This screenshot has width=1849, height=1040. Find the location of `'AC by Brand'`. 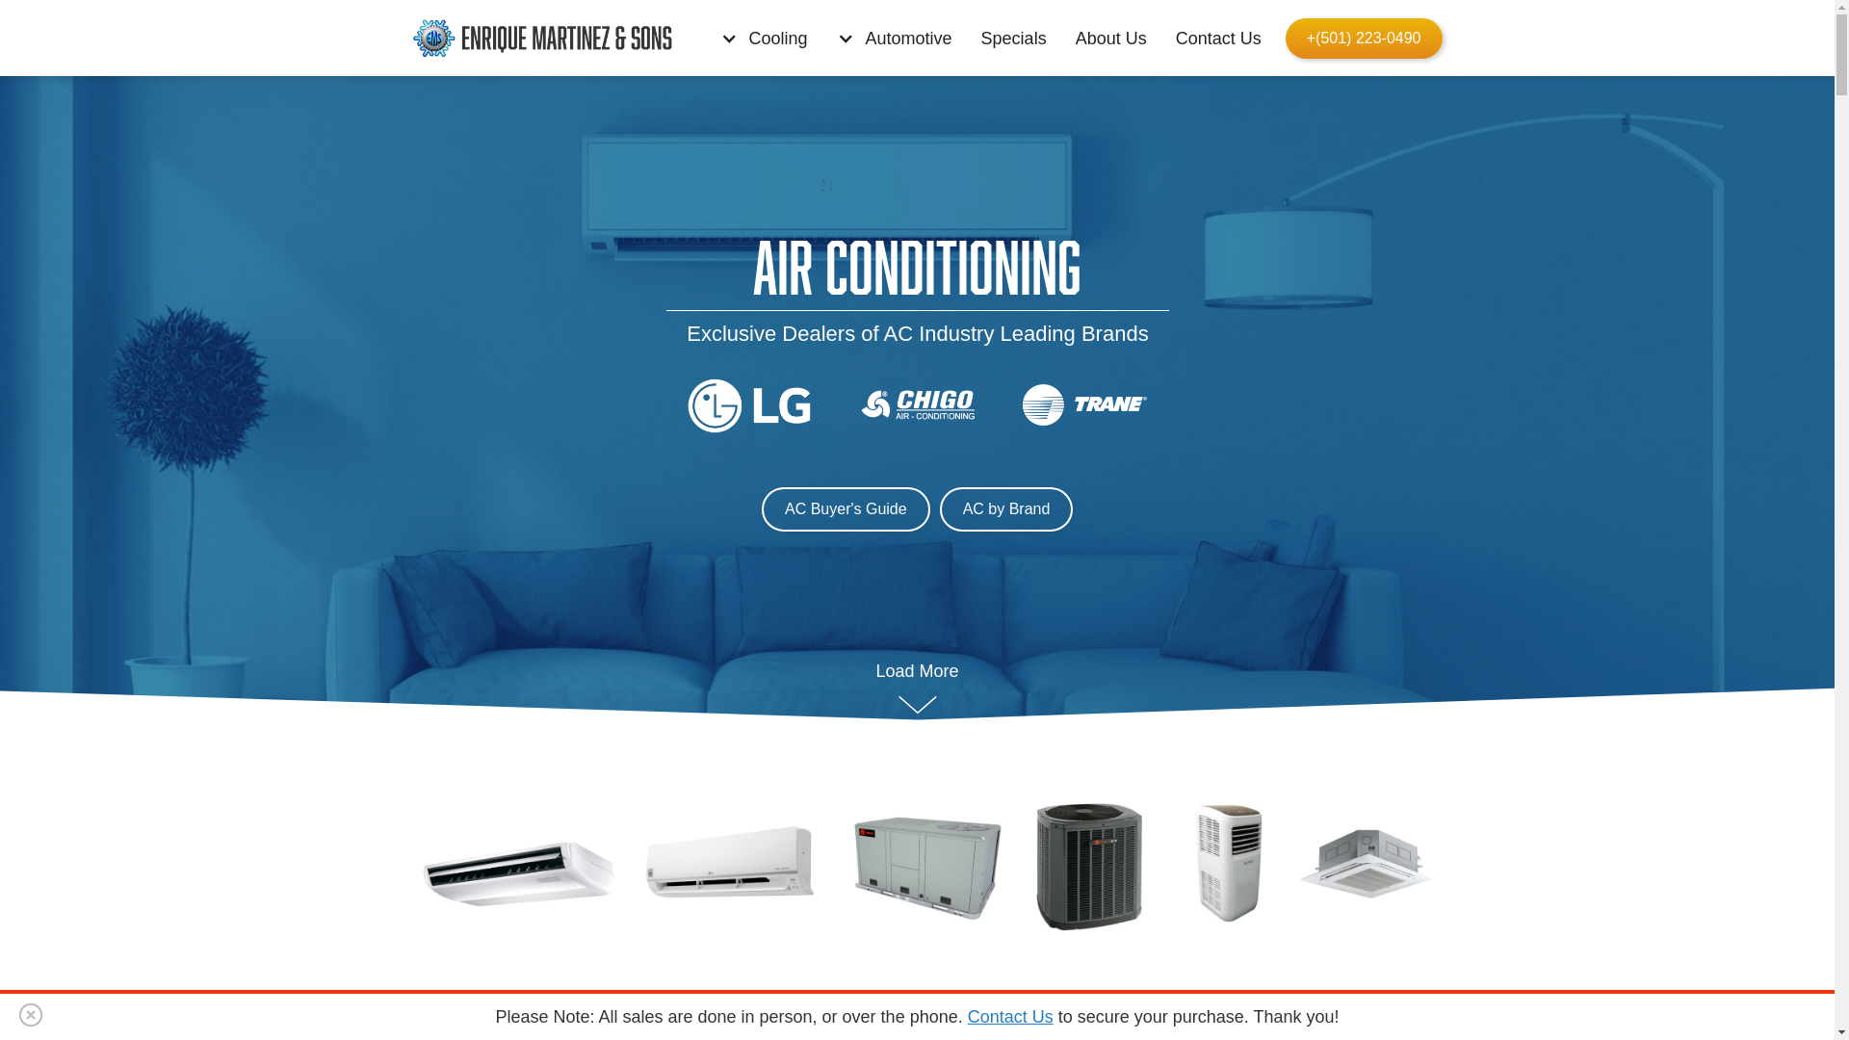

'AC by Brand' is located at coordinates (1004, 507).